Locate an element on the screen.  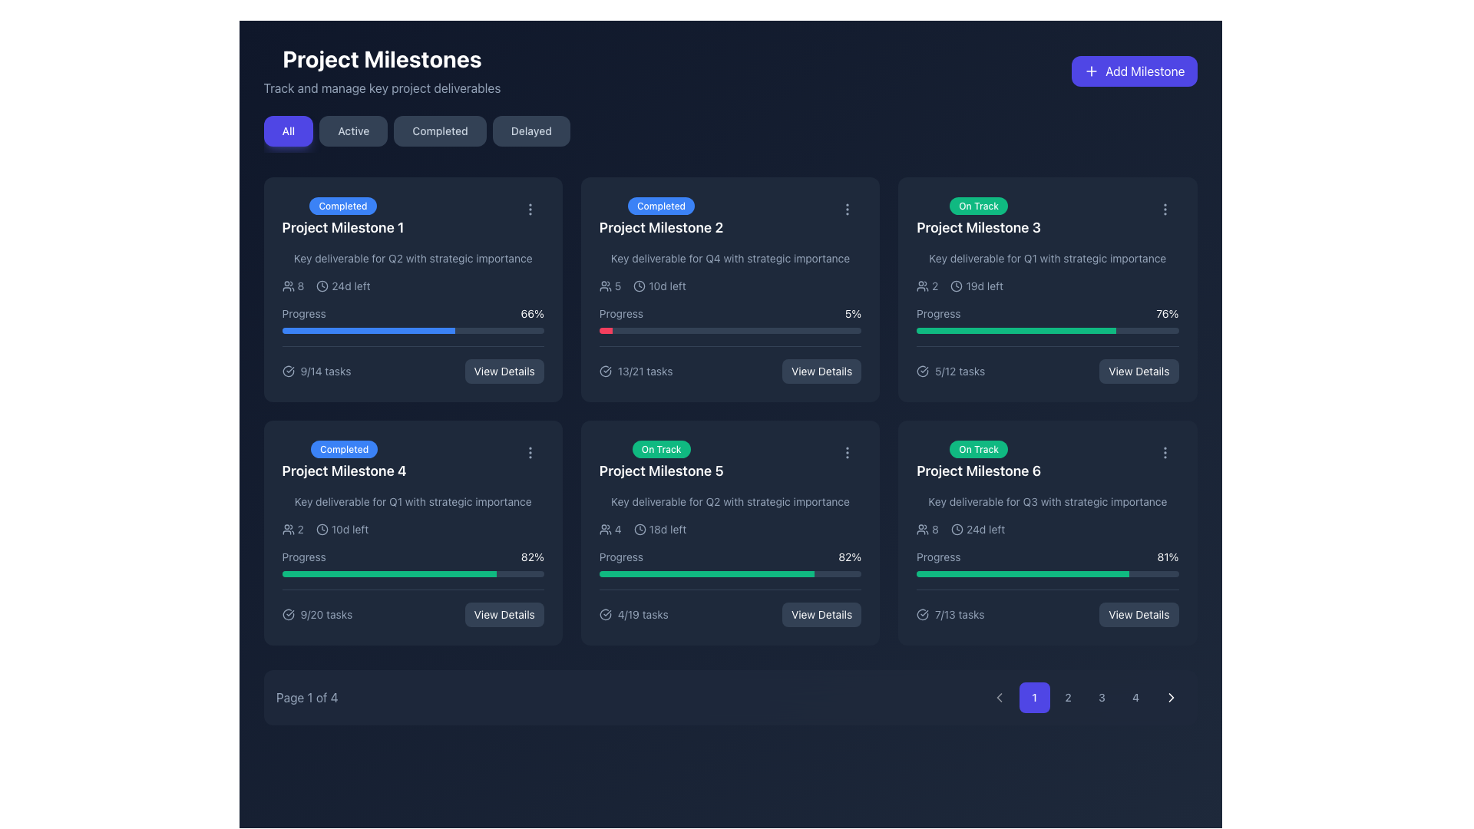
the header section containing the text 'Project Milestones' and its subtitle 'Track and manage key project deliverables', which is located at the top-left section of the interface is located at coordinates (382, 71).